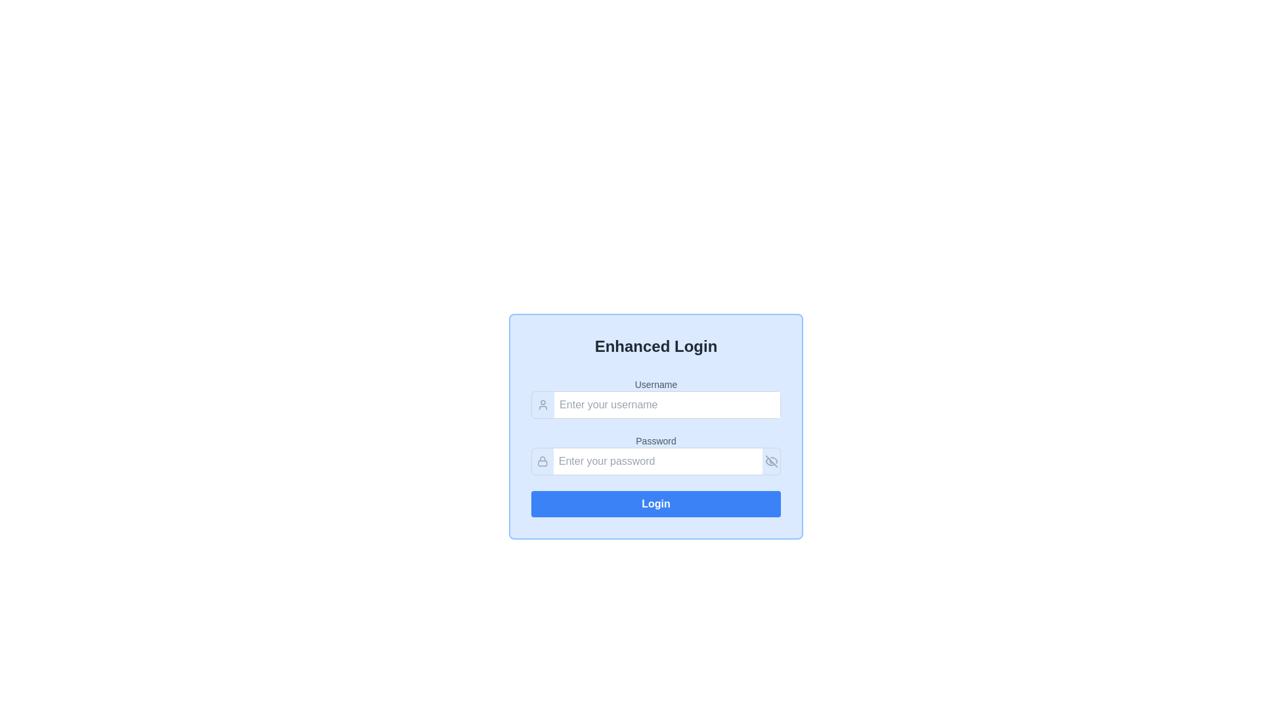  I want to click on the gray lock icon positioned on the left side of the password input field, which serves as a visual cue for security, so click(542, 460).